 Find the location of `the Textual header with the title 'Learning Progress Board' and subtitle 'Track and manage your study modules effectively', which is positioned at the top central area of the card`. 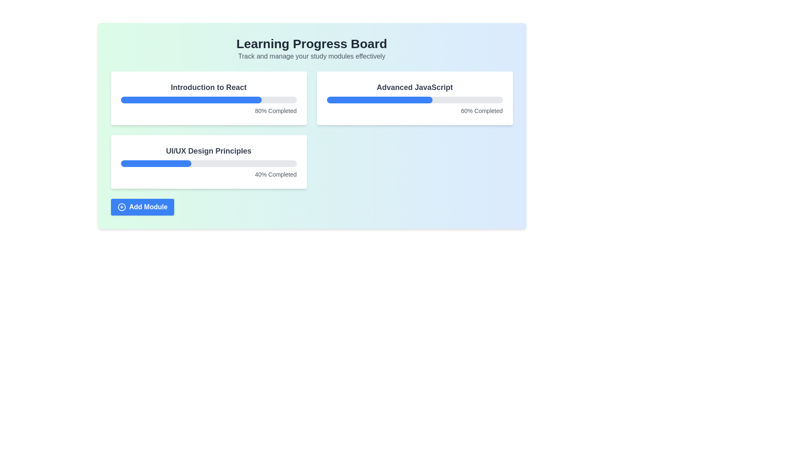

the Textual header with the title 'Learning Progress Board' and subtitle 'Track and manage your study modules effectively', which is positioned at the top central area of the card is located at coordinates (311, 49).